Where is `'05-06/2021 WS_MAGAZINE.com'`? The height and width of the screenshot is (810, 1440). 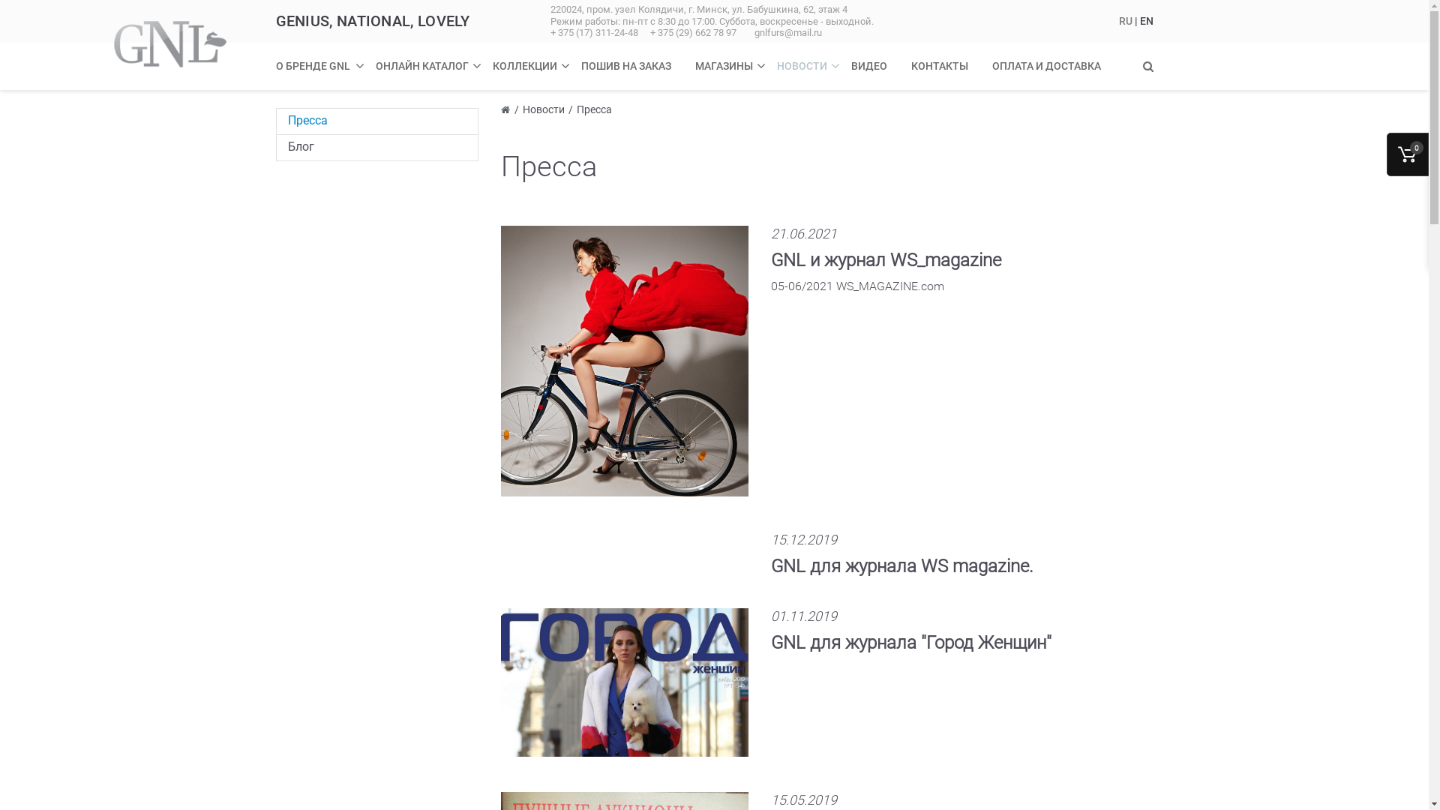 '05-06/2021 WS_MAGAZINE.com' is located at coordinates (857, 294).